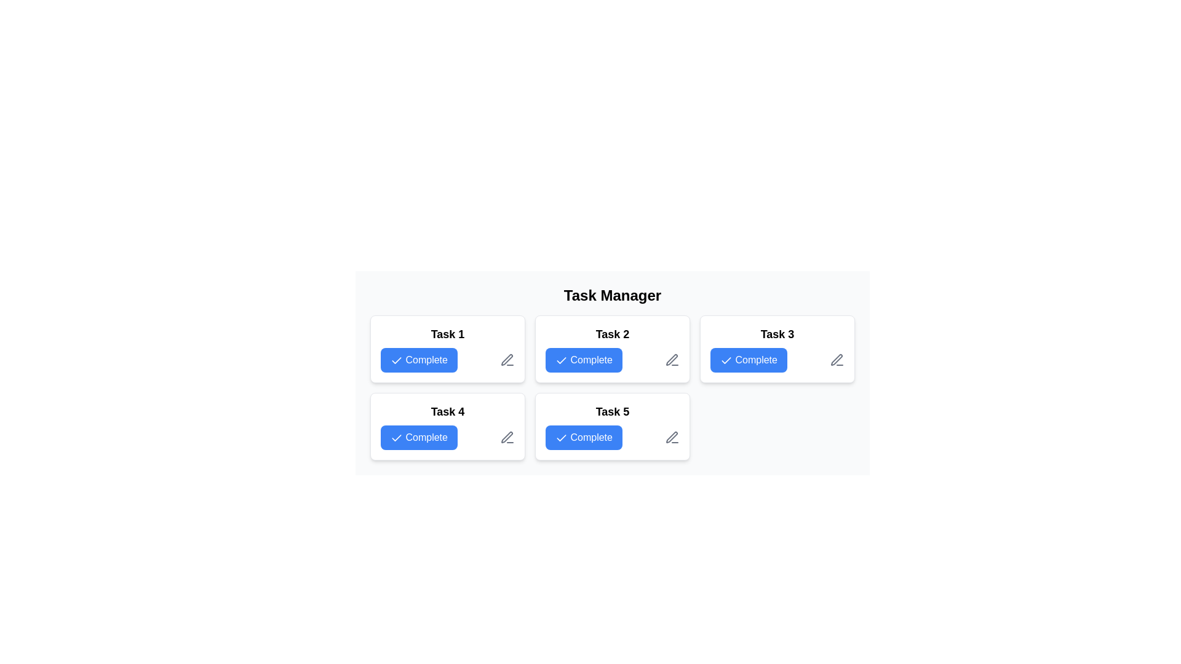 The image size is (1181, 664). I want to click on the SVG icon inside the 'Complete' button located under 'Task 4' in the task grid layout, so click(396, 437).